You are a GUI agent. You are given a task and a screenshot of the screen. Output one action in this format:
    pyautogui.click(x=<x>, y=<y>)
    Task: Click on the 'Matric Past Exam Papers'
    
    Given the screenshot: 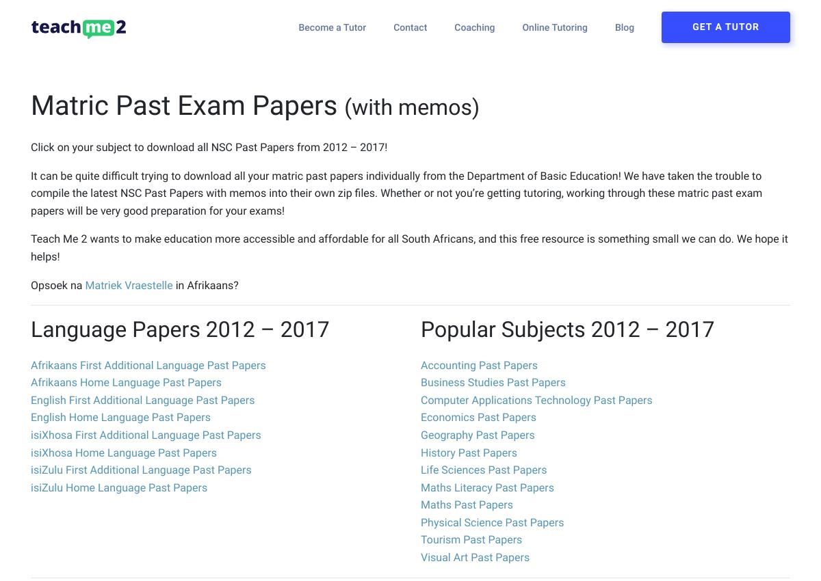 What is the action you would take?
    pyautogui.click(x=186, y=105)
    